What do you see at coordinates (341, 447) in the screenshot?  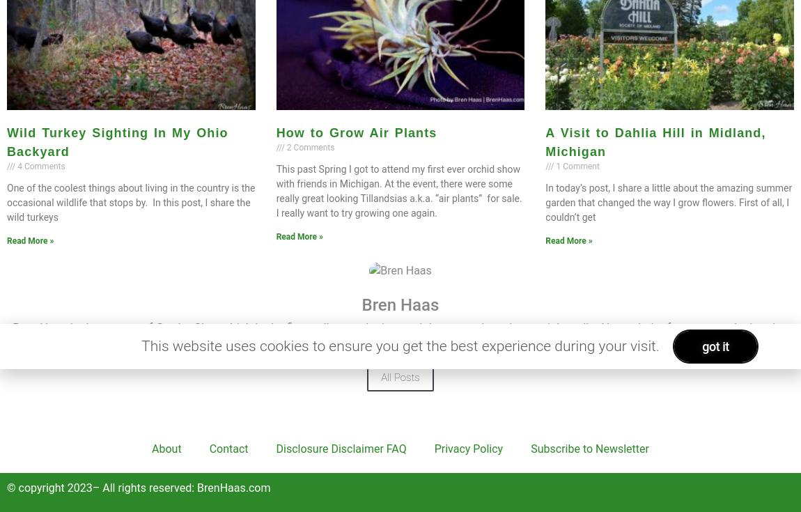 I see `'Disclosure Disclaimer FAQ'` at bounding box center [341, 447].